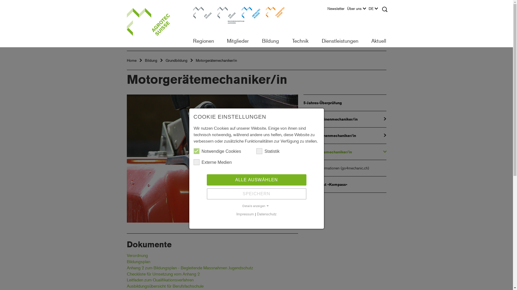 The image size is (517, 290). I want to click on 'Newsletter', so click(337, 10).